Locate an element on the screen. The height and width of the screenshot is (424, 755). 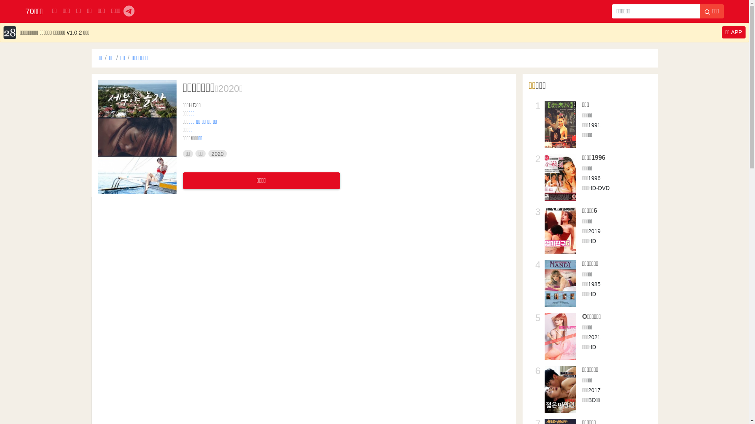
'2020' is located at coordinates (217, 154).